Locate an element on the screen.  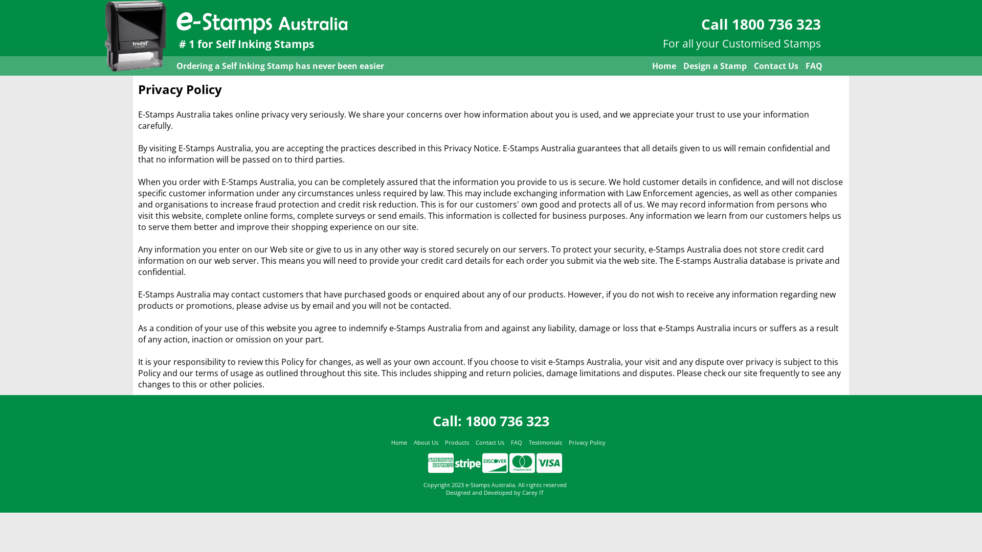
'FAQ' is located at coordinates (813, 65).